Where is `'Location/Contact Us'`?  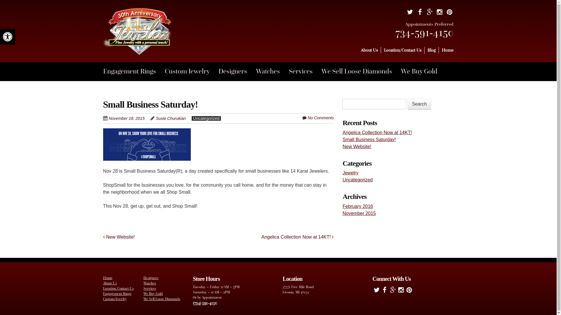
'Location/Contact Us' is located at coordinates (118, 288).